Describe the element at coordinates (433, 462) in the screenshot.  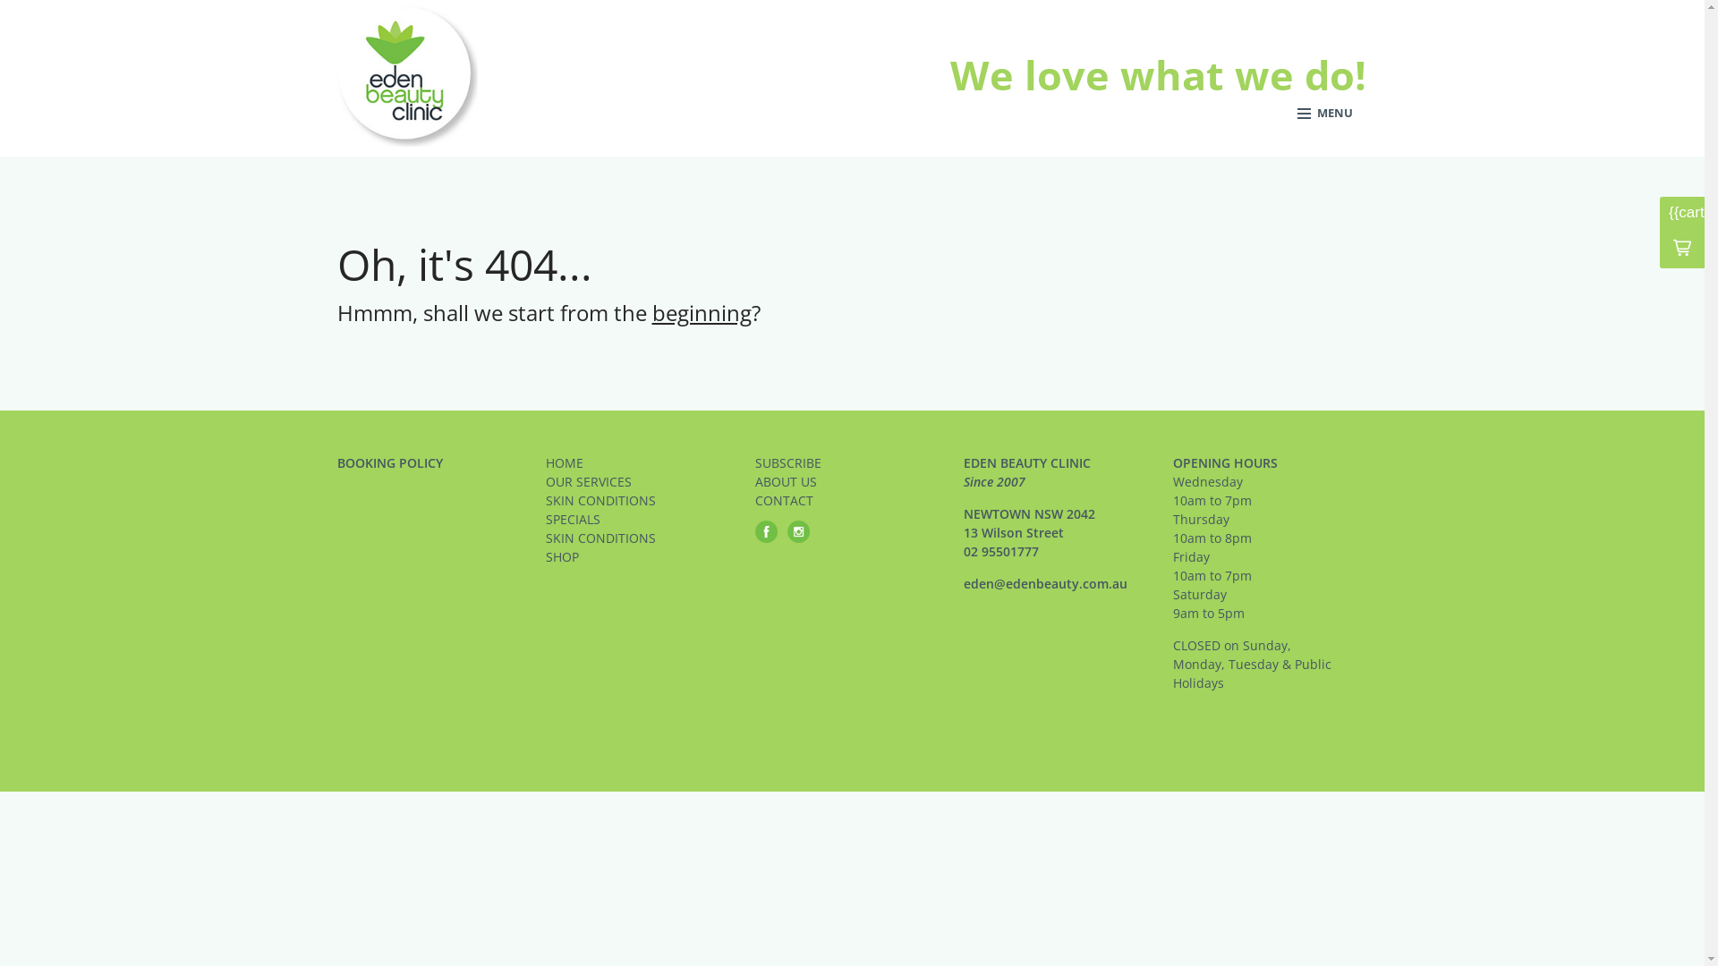
I see `'BOOKING POLICY'` at that location.